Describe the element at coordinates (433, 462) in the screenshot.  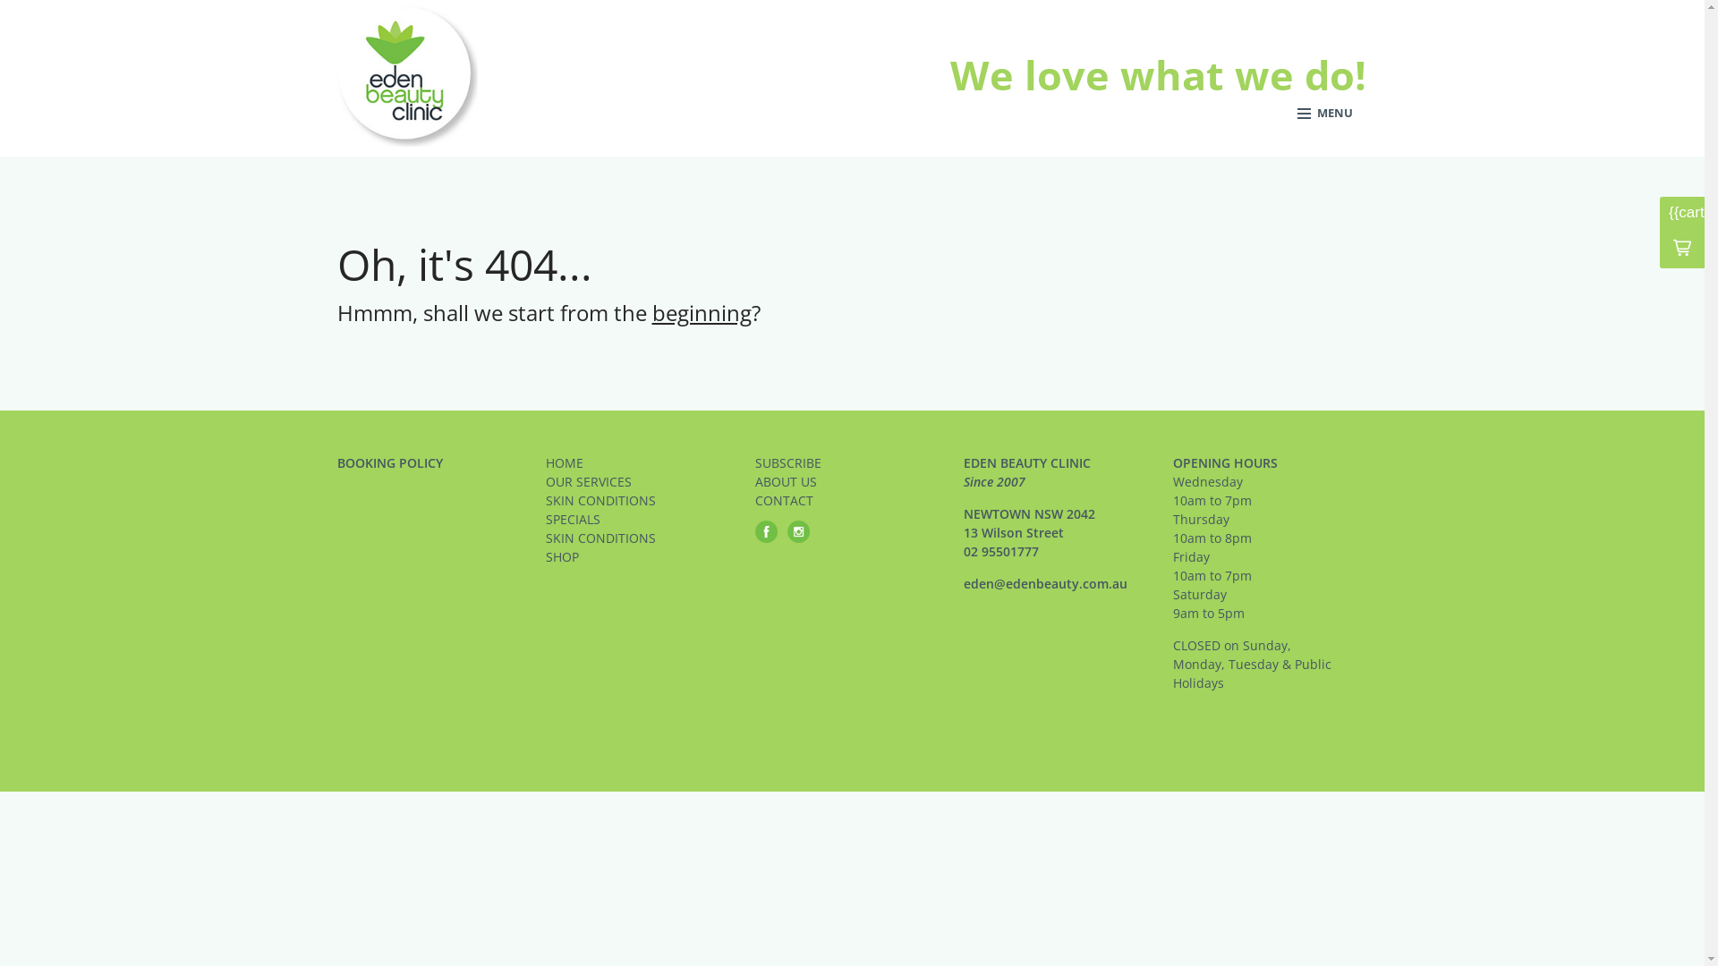
I see `'BOOKING POLICY'` at that location.